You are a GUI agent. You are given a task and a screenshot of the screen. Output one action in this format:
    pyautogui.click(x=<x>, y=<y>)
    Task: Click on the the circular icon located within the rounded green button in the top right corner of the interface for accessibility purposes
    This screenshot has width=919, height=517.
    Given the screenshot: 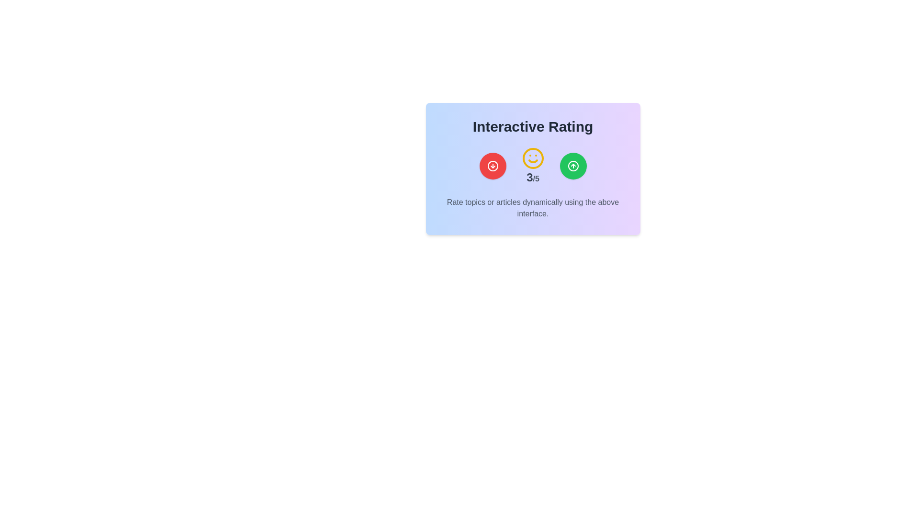 What is the action you would take?
    pyautogui.click(x=573, y=166)
    